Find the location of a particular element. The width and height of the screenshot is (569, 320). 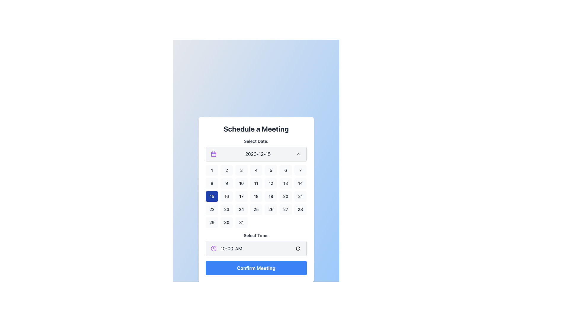

the button is located at coordinates (286, 196).